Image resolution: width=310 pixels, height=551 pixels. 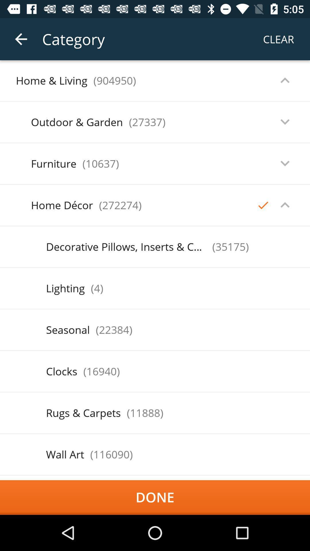 What do you see at coordinates (21, 39) in the screenshot?
I see `icon to the left of the category` at bounding box center [21, 39].